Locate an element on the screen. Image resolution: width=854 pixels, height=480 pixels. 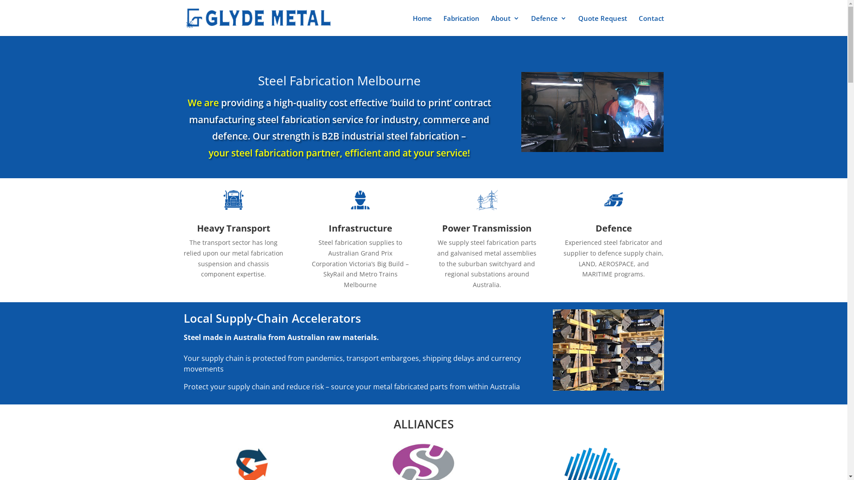
'Home' is located at coordinates (422, 25).